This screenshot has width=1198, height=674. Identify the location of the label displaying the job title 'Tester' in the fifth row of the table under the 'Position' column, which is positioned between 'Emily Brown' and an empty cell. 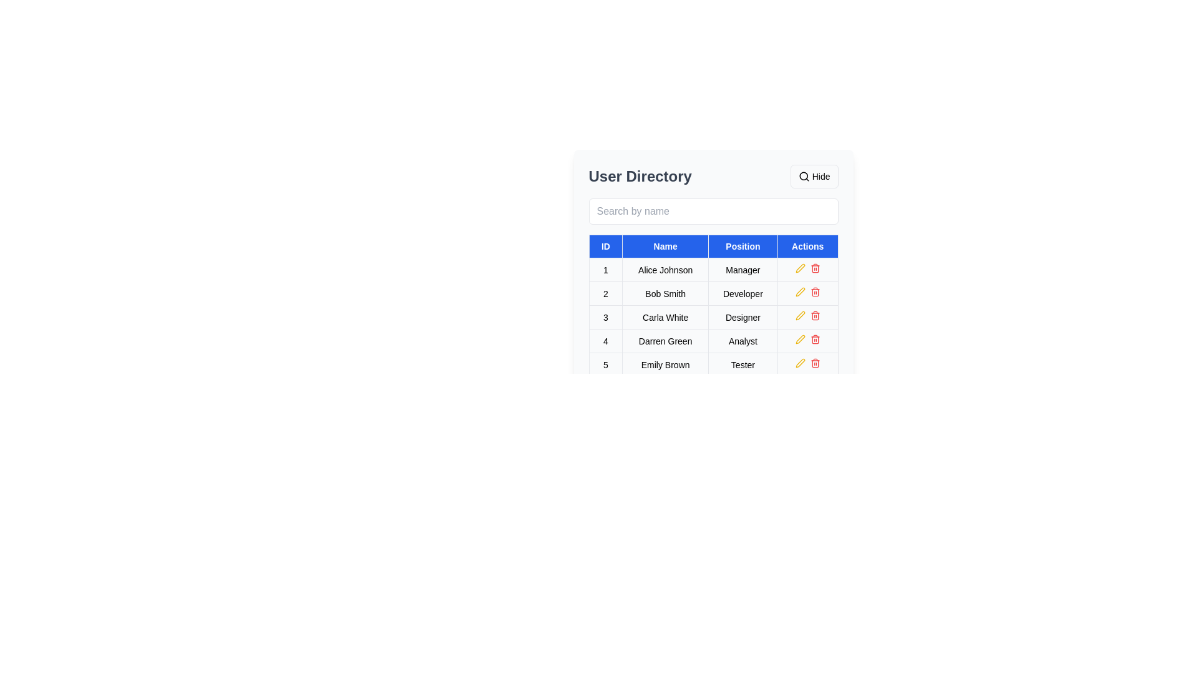
(743, 364).